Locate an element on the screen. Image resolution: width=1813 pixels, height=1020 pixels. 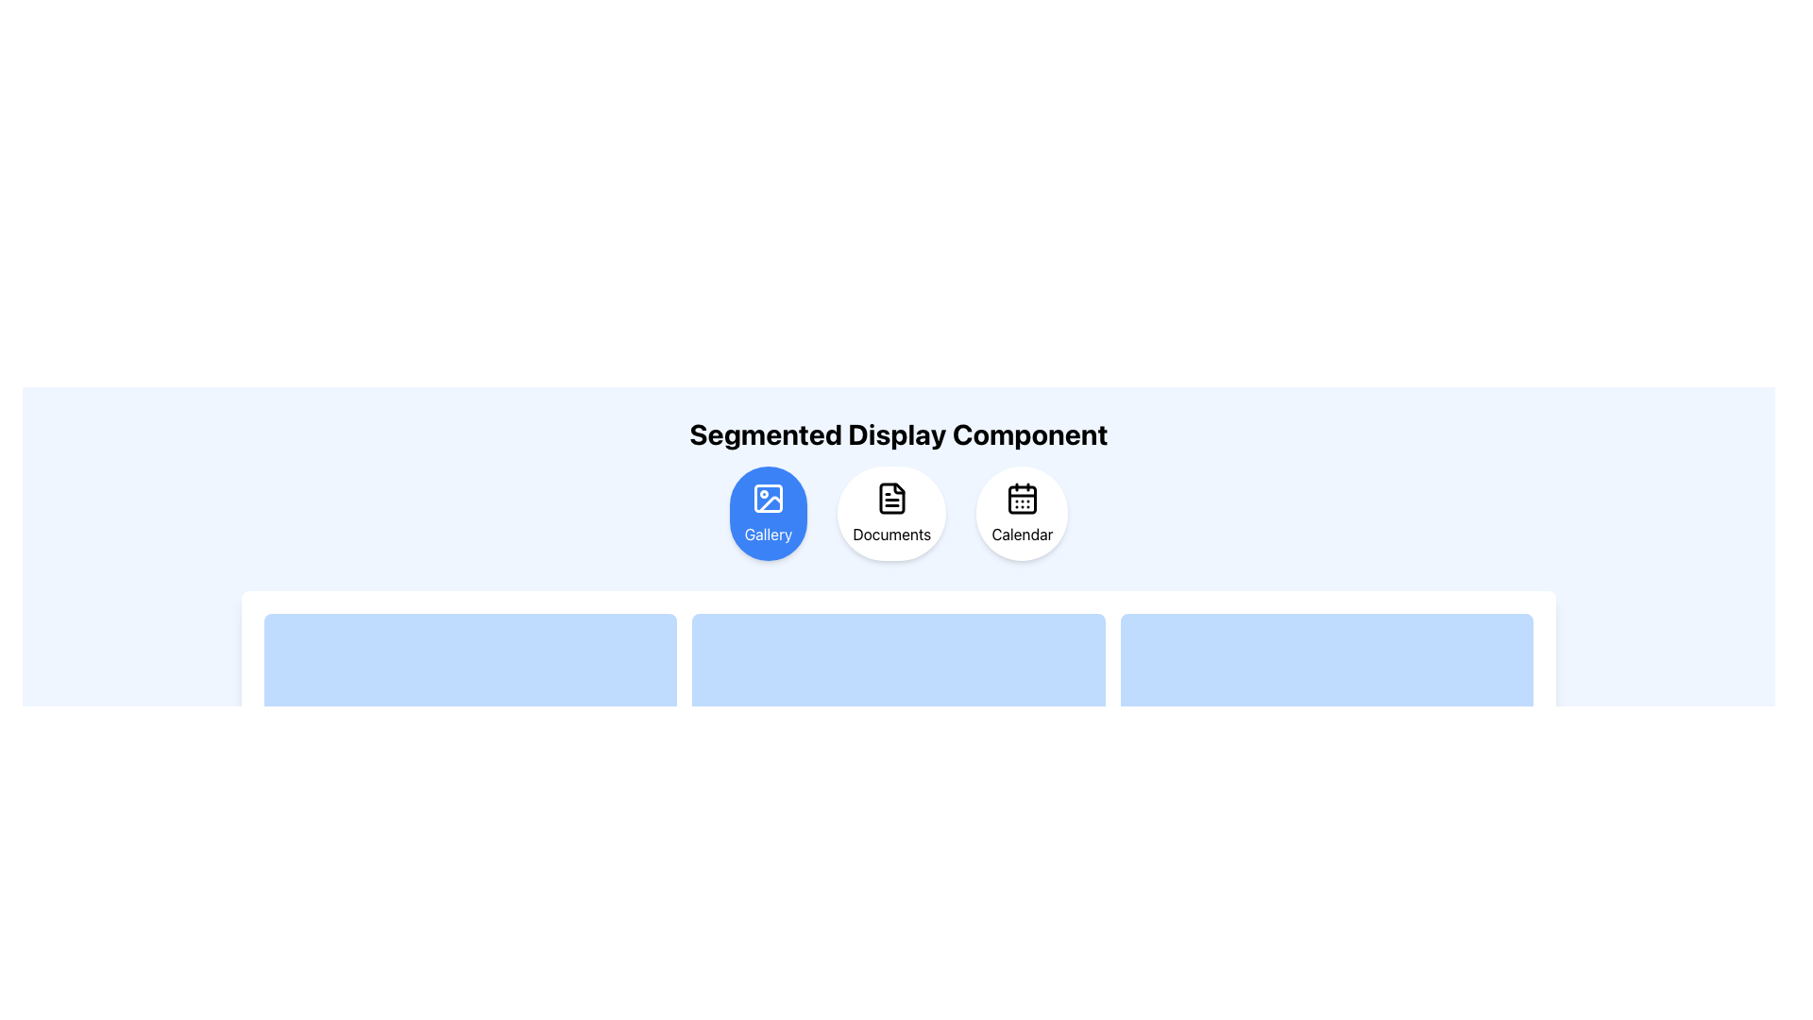
the rectangular component with rounded corners located within the 'Gallery' icon at the center of the icon is located at coordinates (768, 498).